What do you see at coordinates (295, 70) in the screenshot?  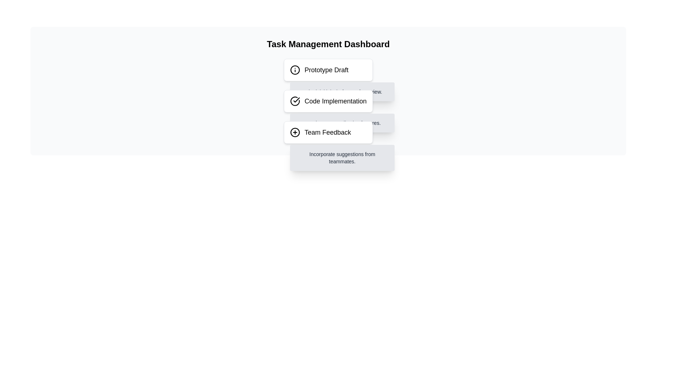 I see `the circle element within the 'Prototype Draft' item on the Task Management Dashboard, which is styled with a stroke and no fill, and has a radius of 10 units` at bounding box center [295, 70].